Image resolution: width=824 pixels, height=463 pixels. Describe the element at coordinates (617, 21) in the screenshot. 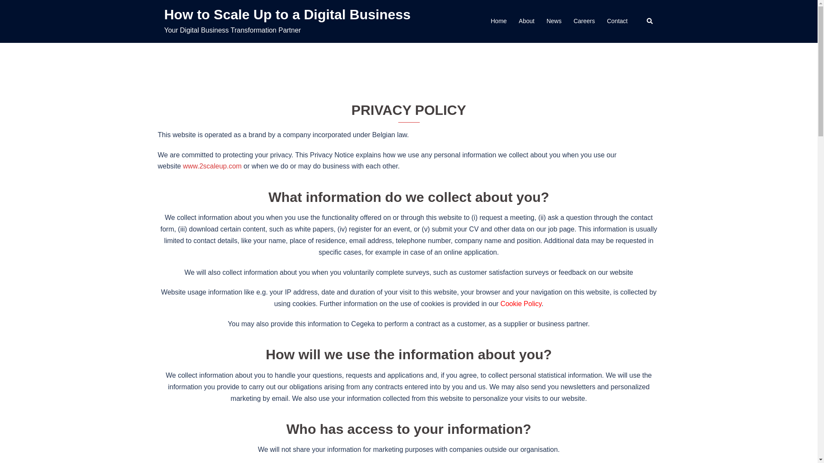

I see `'Contact'` at that location.